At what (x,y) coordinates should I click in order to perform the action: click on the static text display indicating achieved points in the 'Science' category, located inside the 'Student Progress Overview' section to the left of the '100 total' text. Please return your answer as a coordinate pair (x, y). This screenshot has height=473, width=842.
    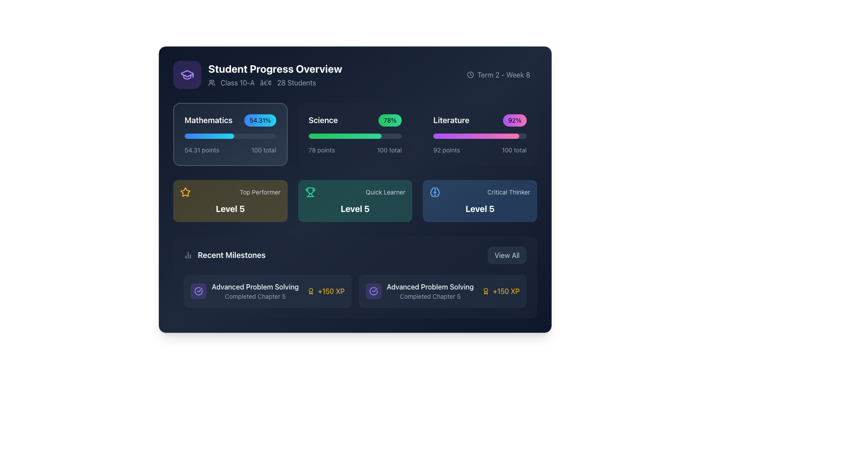
    Looking at the image, I should click on (321, 150).